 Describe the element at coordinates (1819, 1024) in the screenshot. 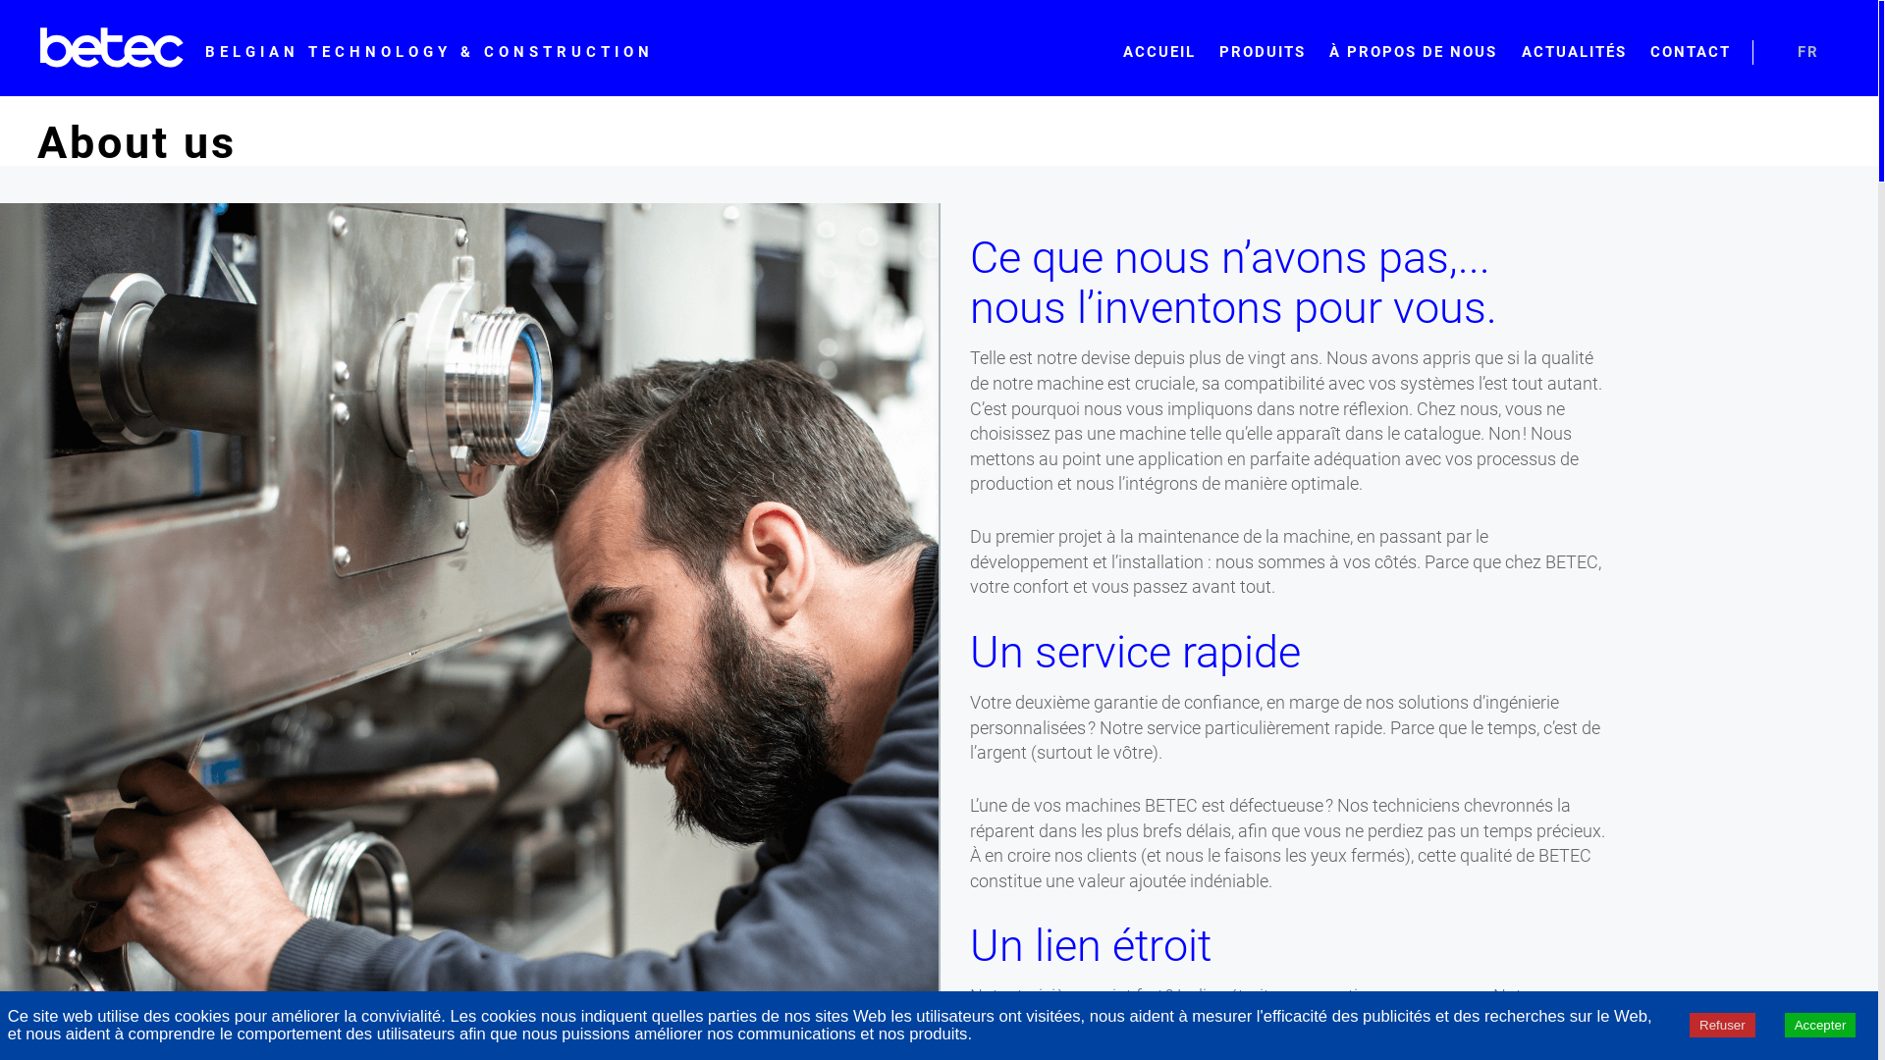

I see `'Accepter'` at that location.